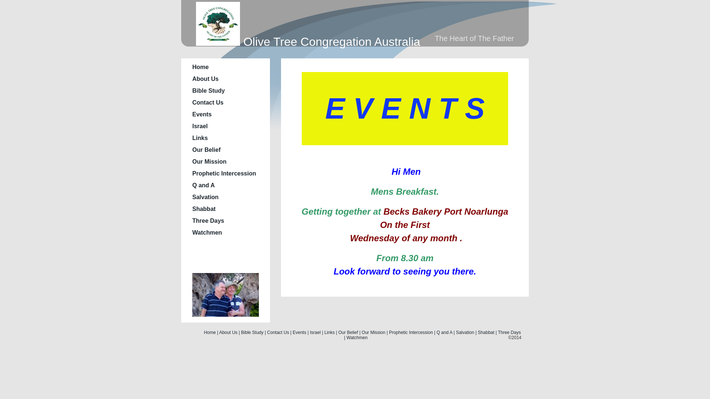 The image size is (710, 399). What do you see at coordinates (300, 332) in the screenshot?
I see `'Events'` at bounding box center [300, 332].